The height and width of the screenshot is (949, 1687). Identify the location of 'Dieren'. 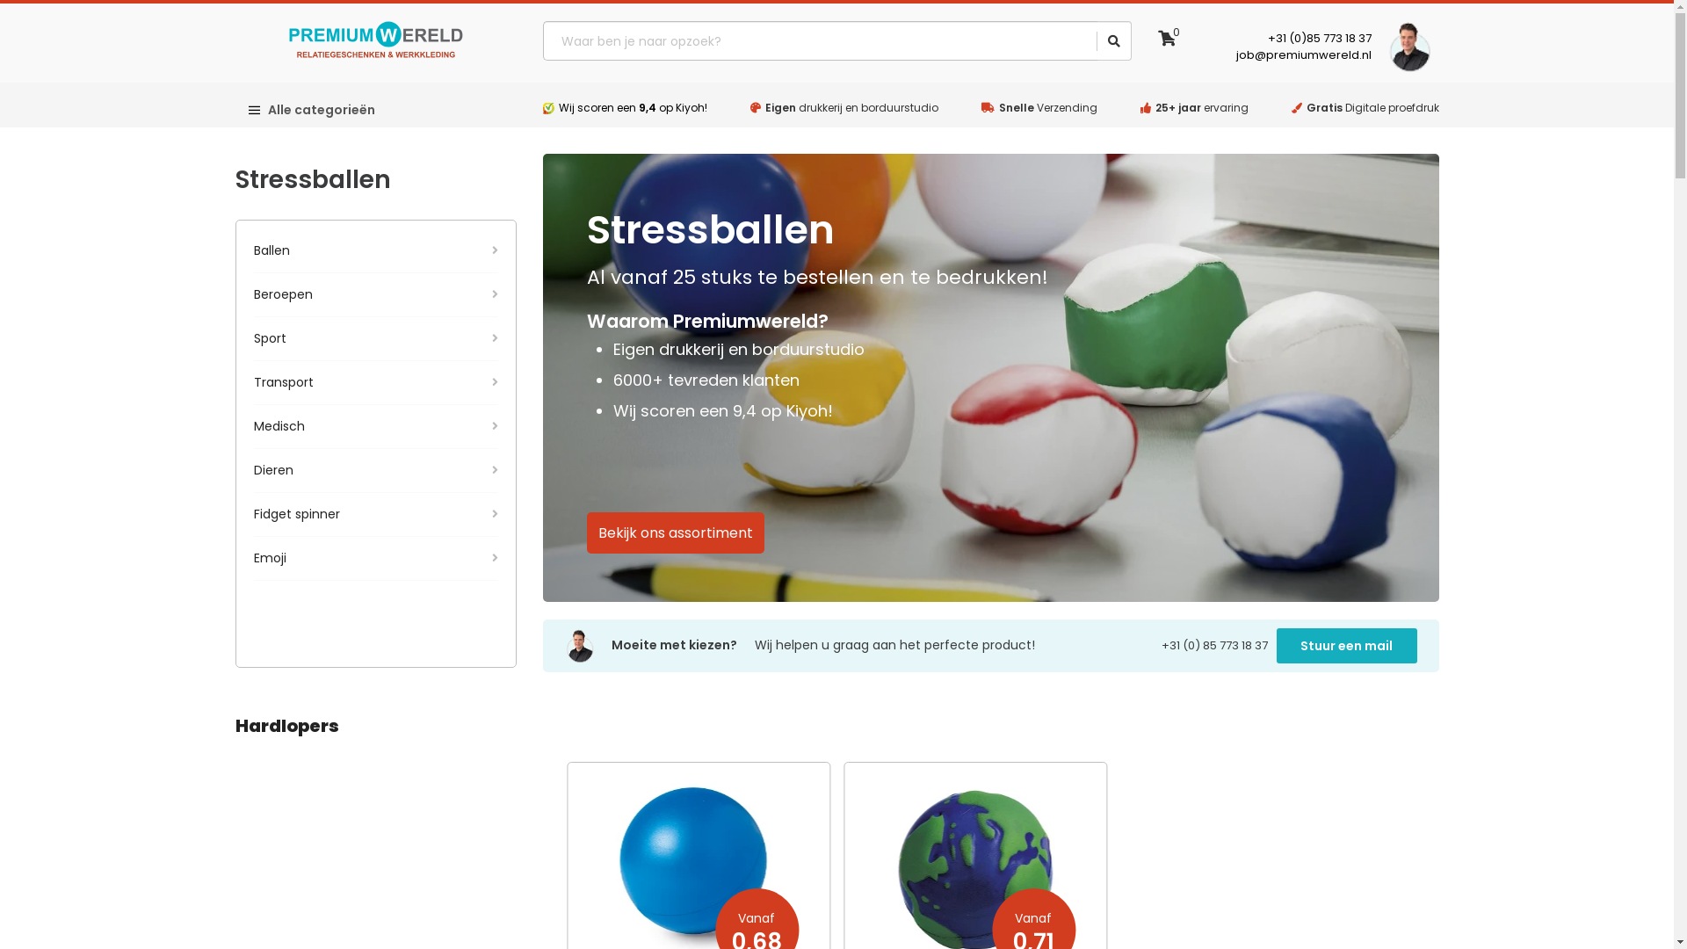
(374, 469).